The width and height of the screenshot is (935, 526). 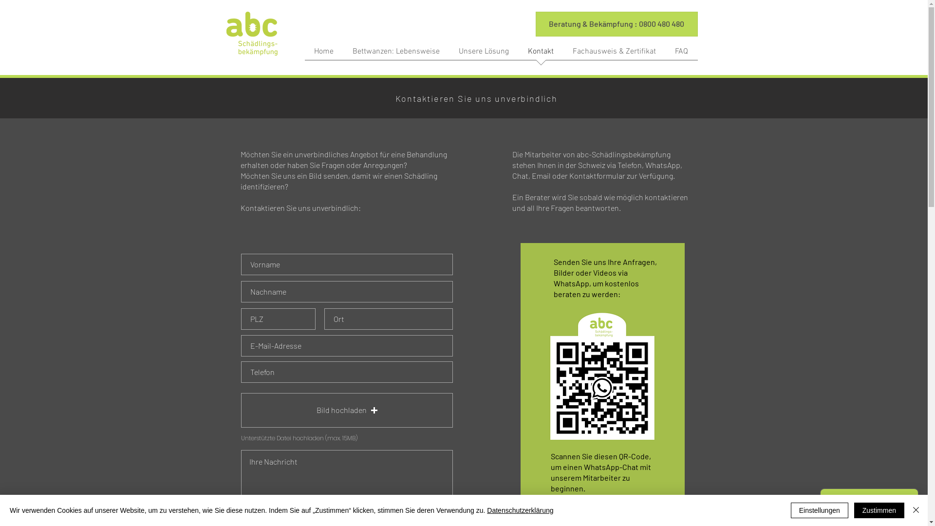 I want to click on 'Zustimmen', so click(x=879, y=510).